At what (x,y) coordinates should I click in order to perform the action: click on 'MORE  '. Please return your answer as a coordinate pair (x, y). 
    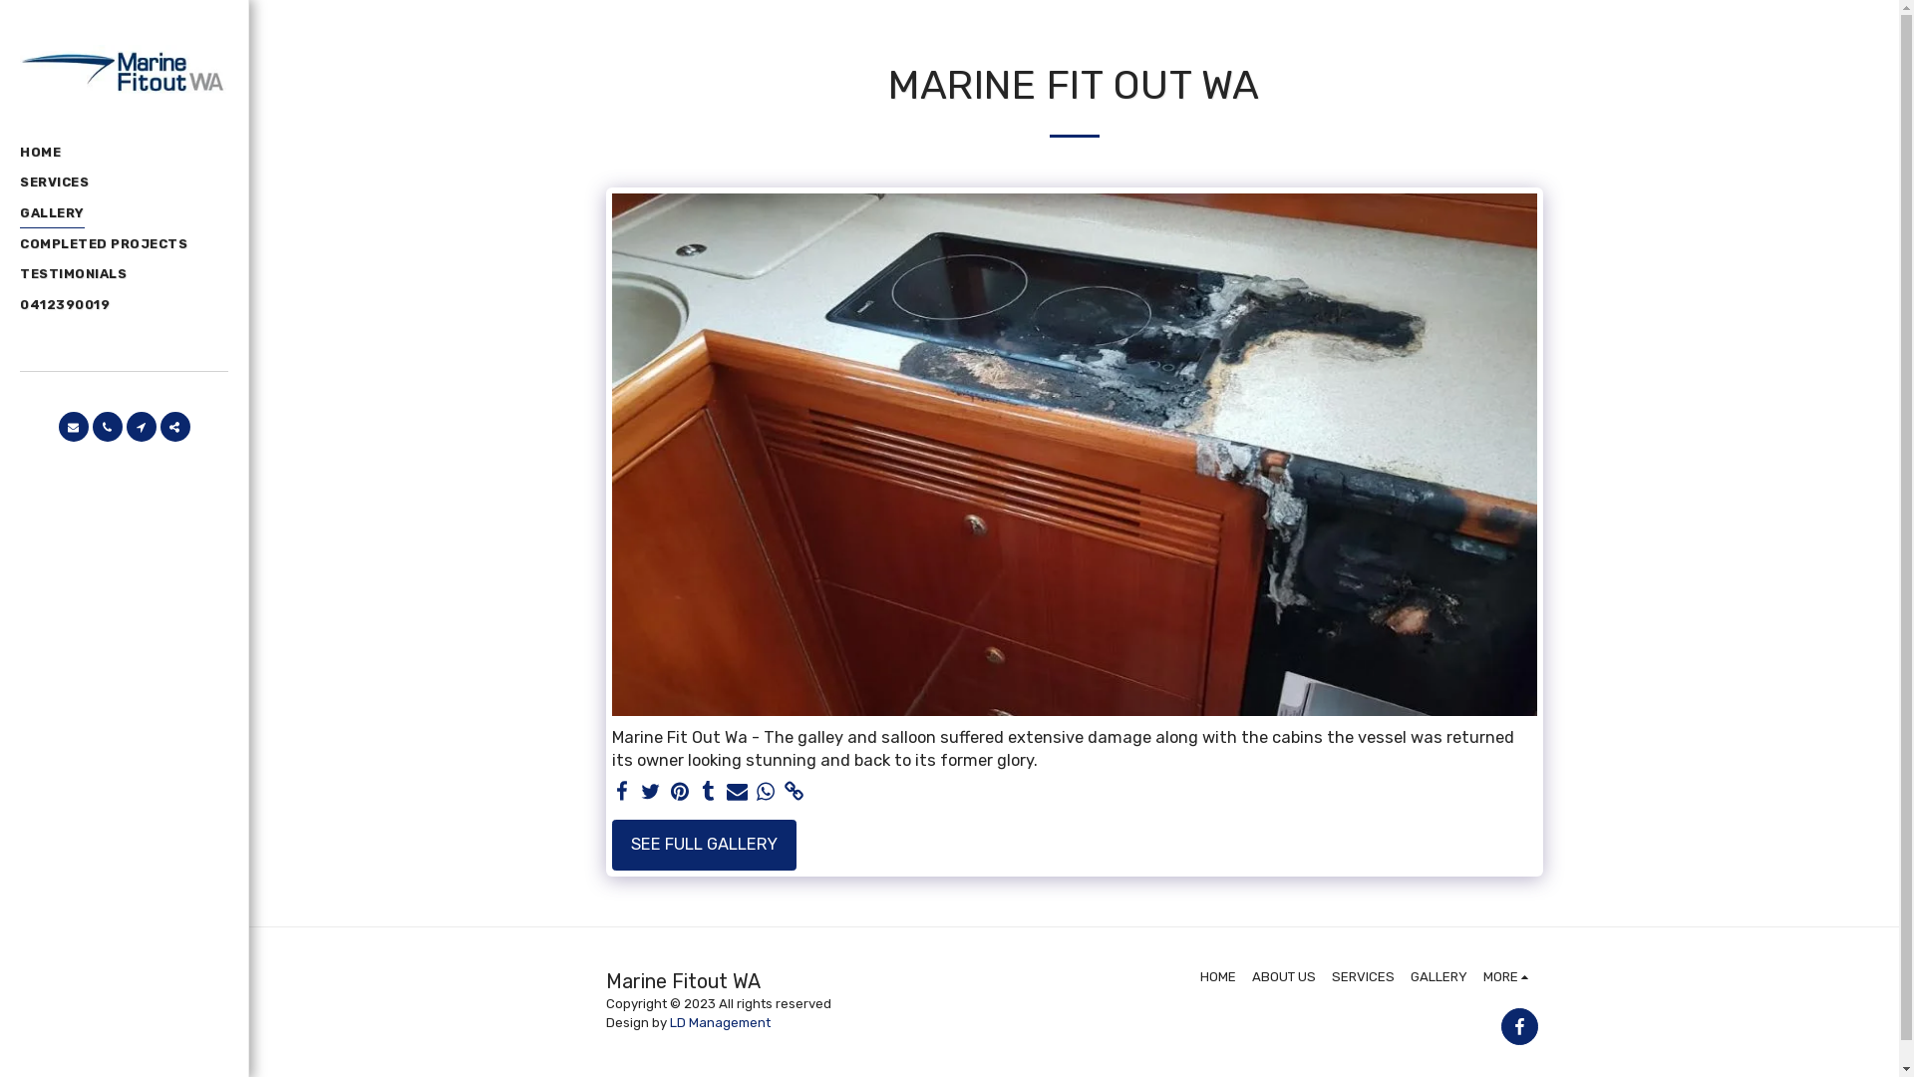
    Looking at the image, I should click on (1508, 975).